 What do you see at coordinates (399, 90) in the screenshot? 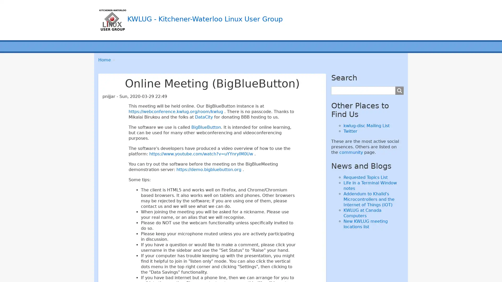
I see `Search` at bounding box center [399, 90].